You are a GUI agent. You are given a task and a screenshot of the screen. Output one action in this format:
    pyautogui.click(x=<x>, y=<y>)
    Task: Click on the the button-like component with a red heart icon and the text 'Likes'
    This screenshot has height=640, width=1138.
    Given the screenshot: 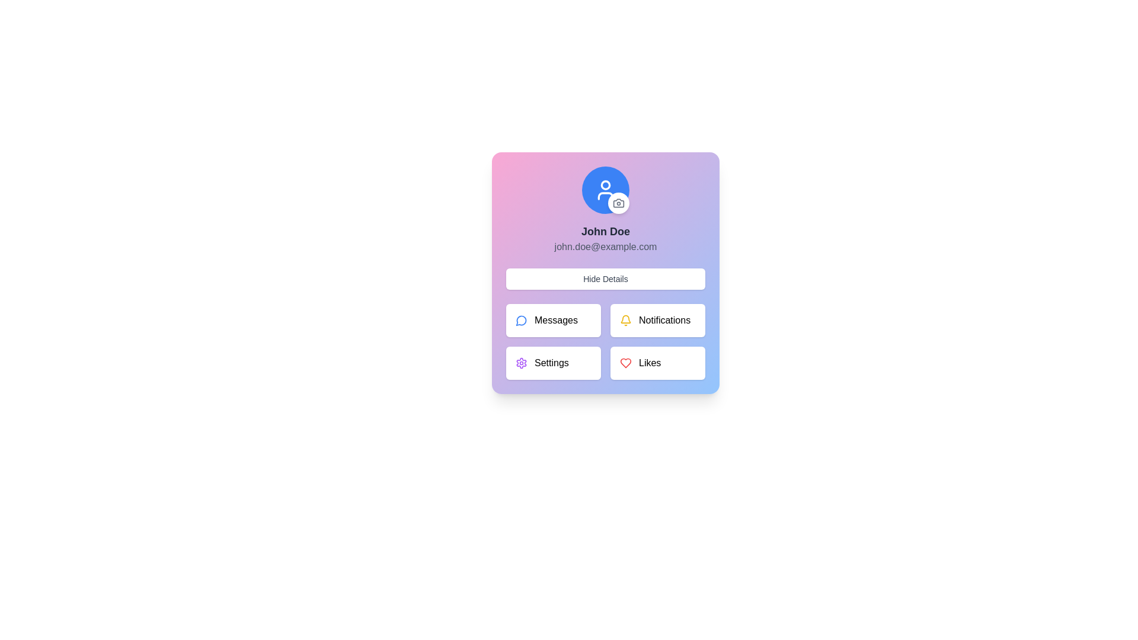 What is the action you would take?
    pyautogui.click(x=657, y=363)
    